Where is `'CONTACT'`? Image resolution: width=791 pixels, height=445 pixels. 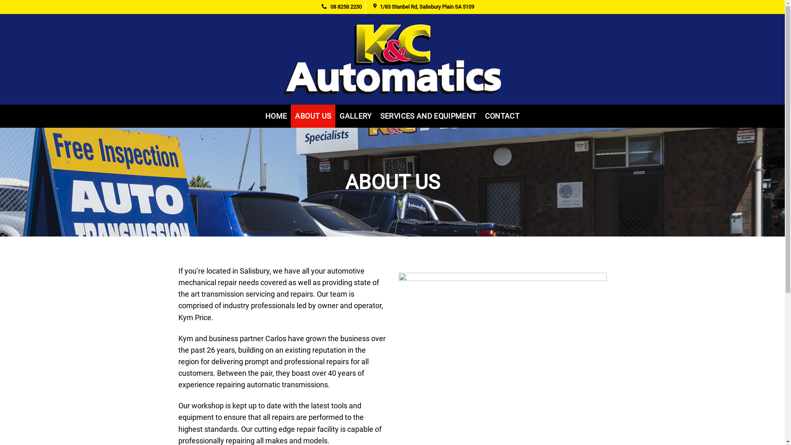 'CONTACT' is located at coordinates (501, 116).